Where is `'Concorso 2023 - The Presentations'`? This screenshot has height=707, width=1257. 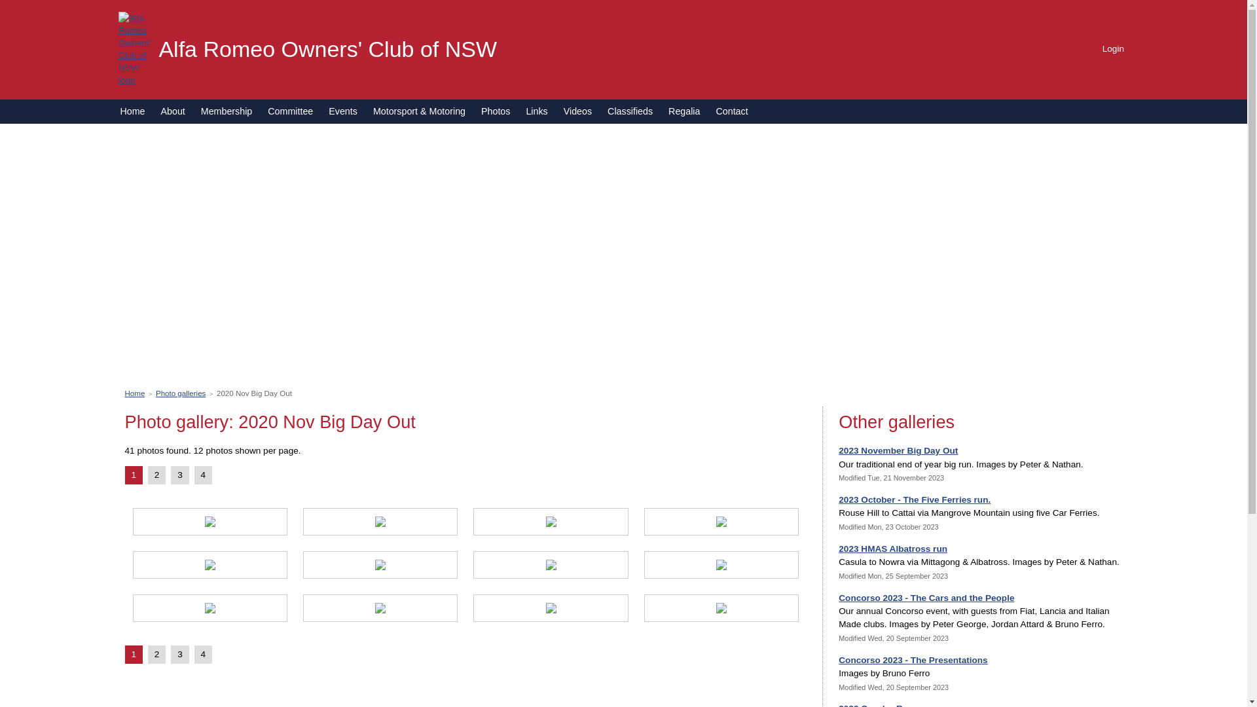
'Concorso 2023 - The Presentations' is located at coordinates (912, 660).